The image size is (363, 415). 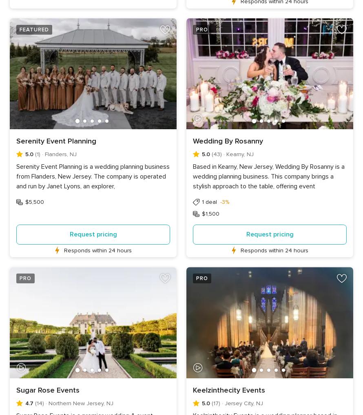 I want to click on '1 deal', so click(x=201, y=202).